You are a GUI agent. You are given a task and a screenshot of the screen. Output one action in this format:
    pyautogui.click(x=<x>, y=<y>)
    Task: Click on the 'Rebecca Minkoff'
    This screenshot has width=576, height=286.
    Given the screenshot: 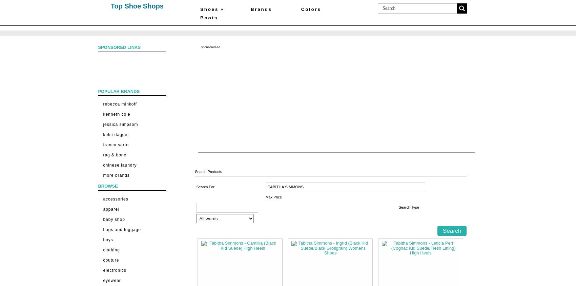 What is the action you would take?
    pyautogui.click(x=119, y=104)
    